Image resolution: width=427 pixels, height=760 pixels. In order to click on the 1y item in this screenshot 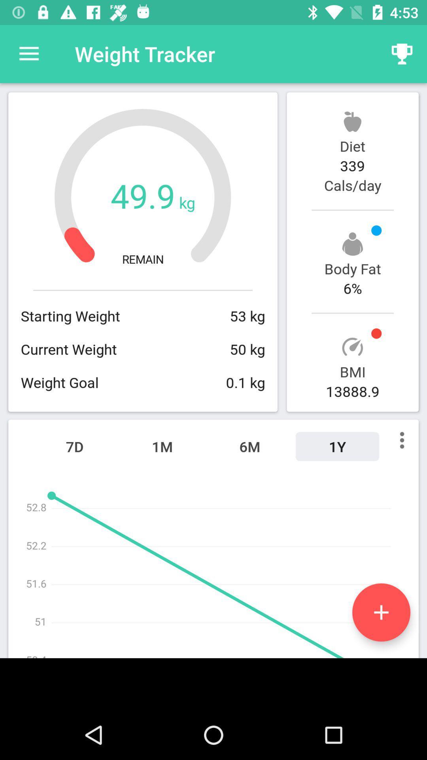, I will do `click(337, 446)`.